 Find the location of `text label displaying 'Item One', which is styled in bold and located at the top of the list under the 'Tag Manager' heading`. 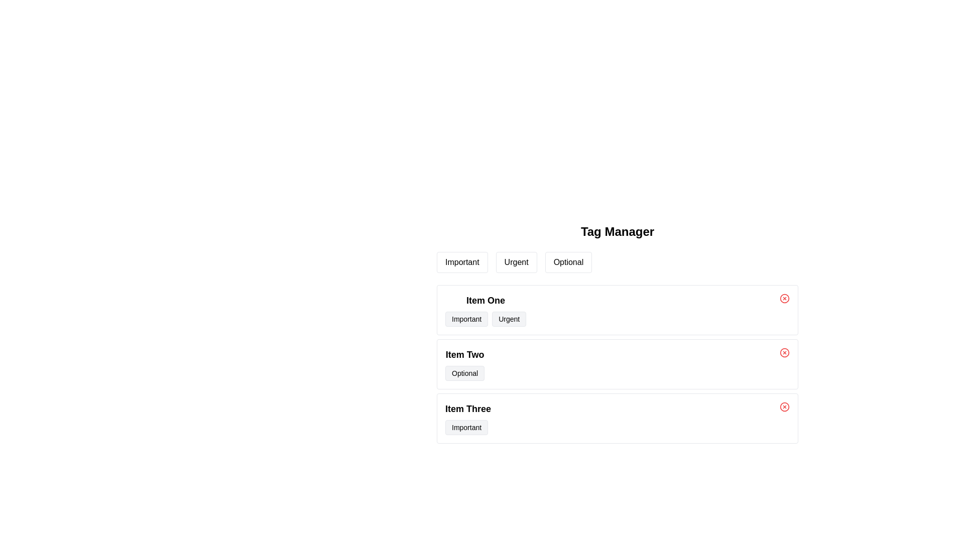

text label displaying 'Item One', which is styled in bold and located at the top of the list under the 'Tag Manager' heading is located at coordinates (486, 300).